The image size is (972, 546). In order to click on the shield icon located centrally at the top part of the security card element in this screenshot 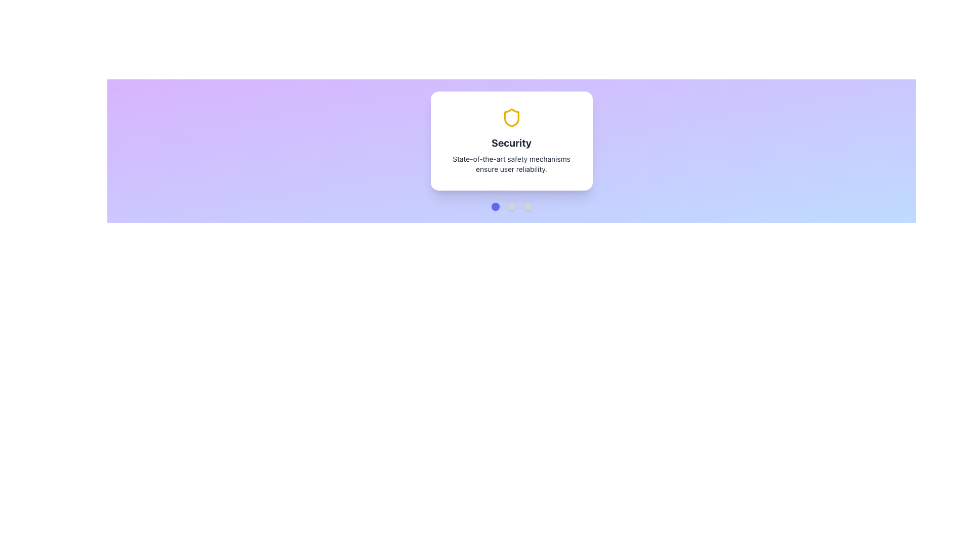, I will do `click(511, 117)`.